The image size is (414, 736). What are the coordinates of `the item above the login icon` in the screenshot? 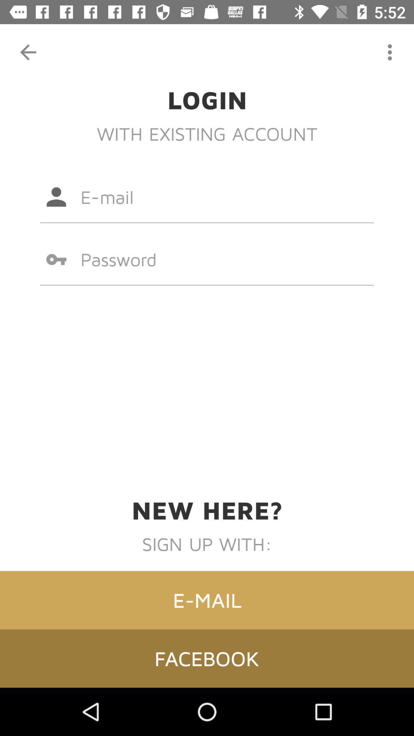 It's located at (28, 52).